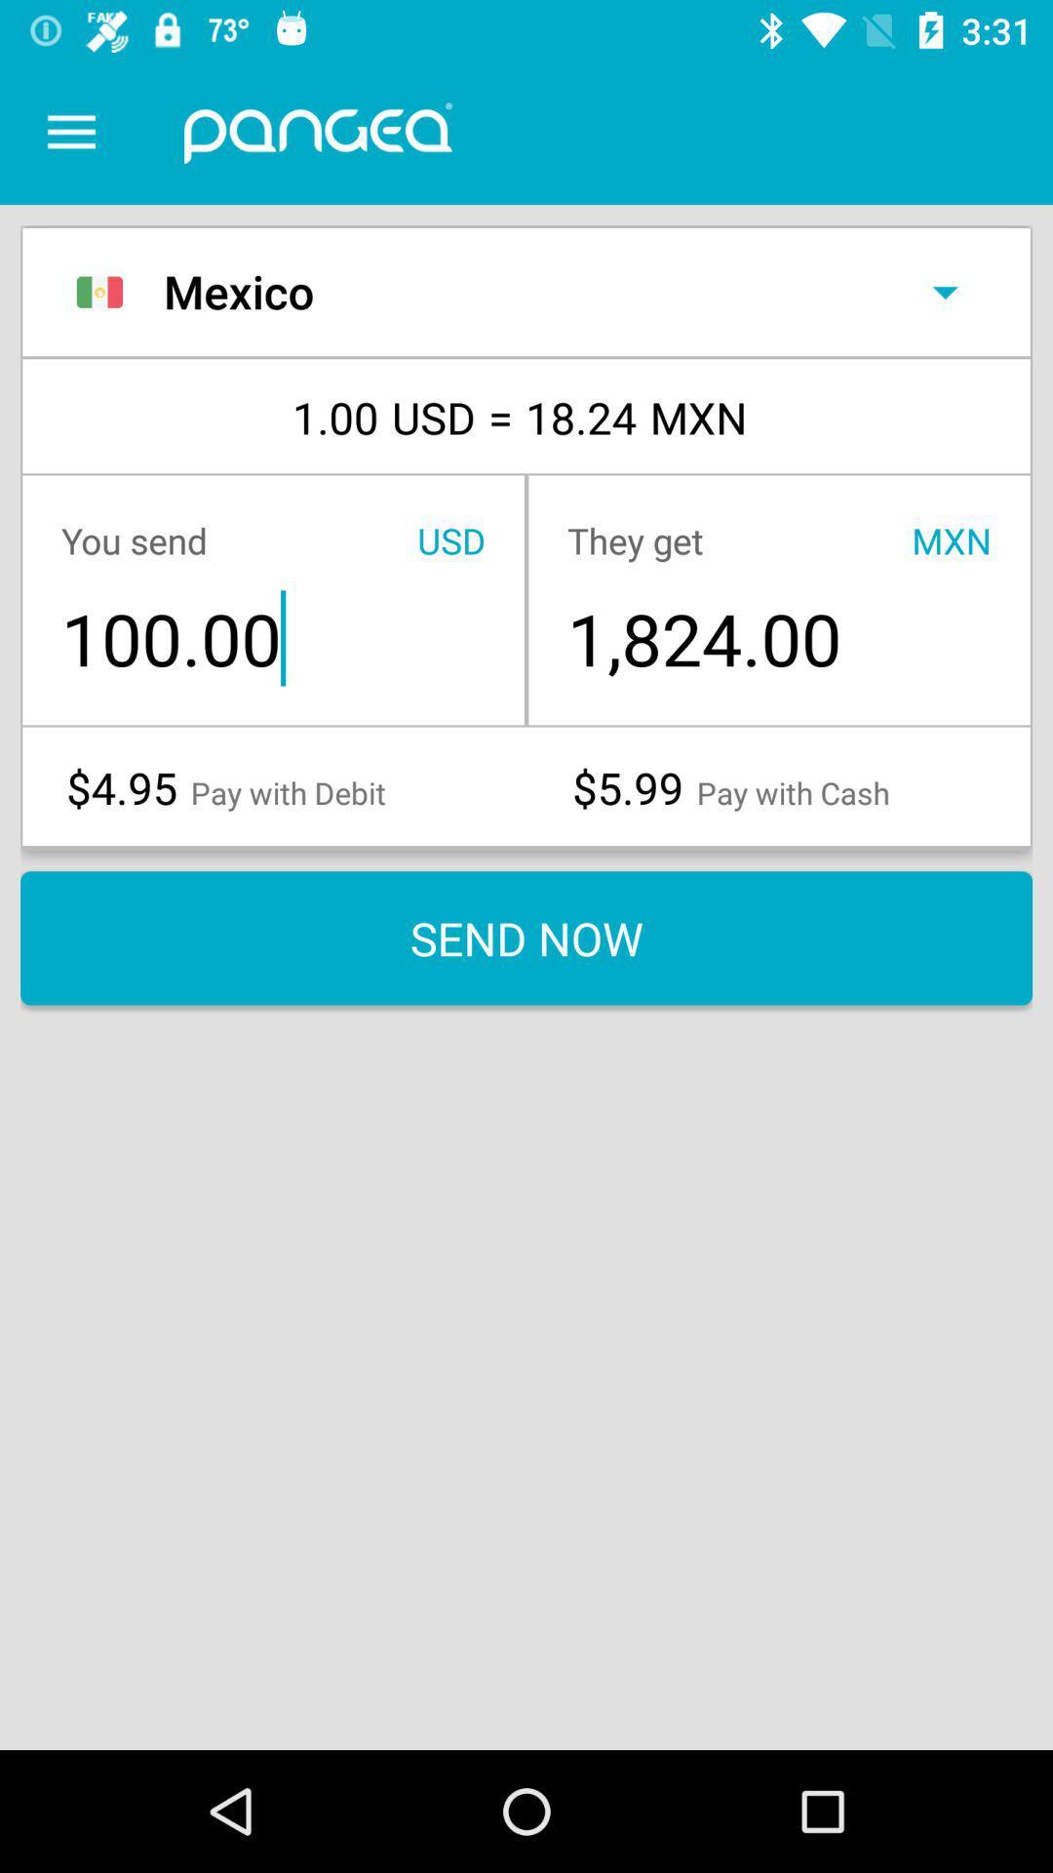  I want to click on the send now item, so click(526, 937).